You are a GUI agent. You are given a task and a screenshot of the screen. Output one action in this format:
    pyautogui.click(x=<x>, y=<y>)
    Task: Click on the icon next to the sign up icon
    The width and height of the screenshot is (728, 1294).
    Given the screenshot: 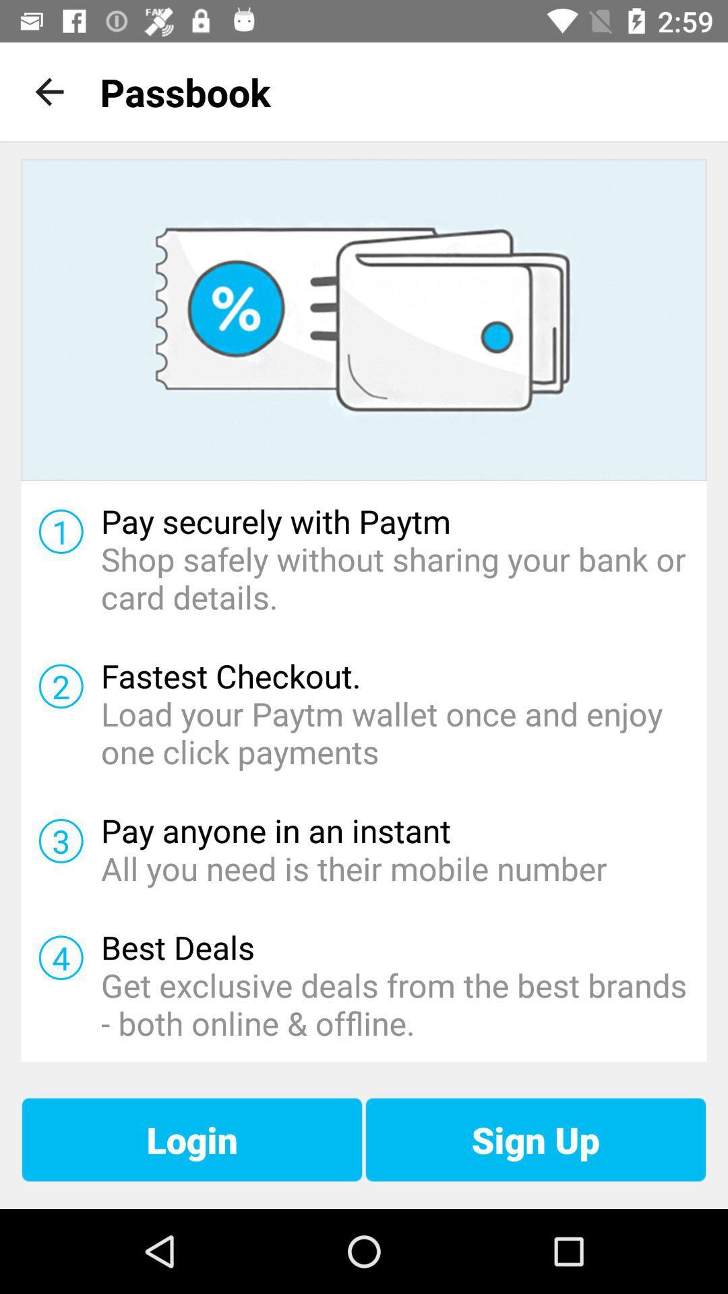 What is the action you would take?
    pyautogui.click(x=192, y=1139)
    